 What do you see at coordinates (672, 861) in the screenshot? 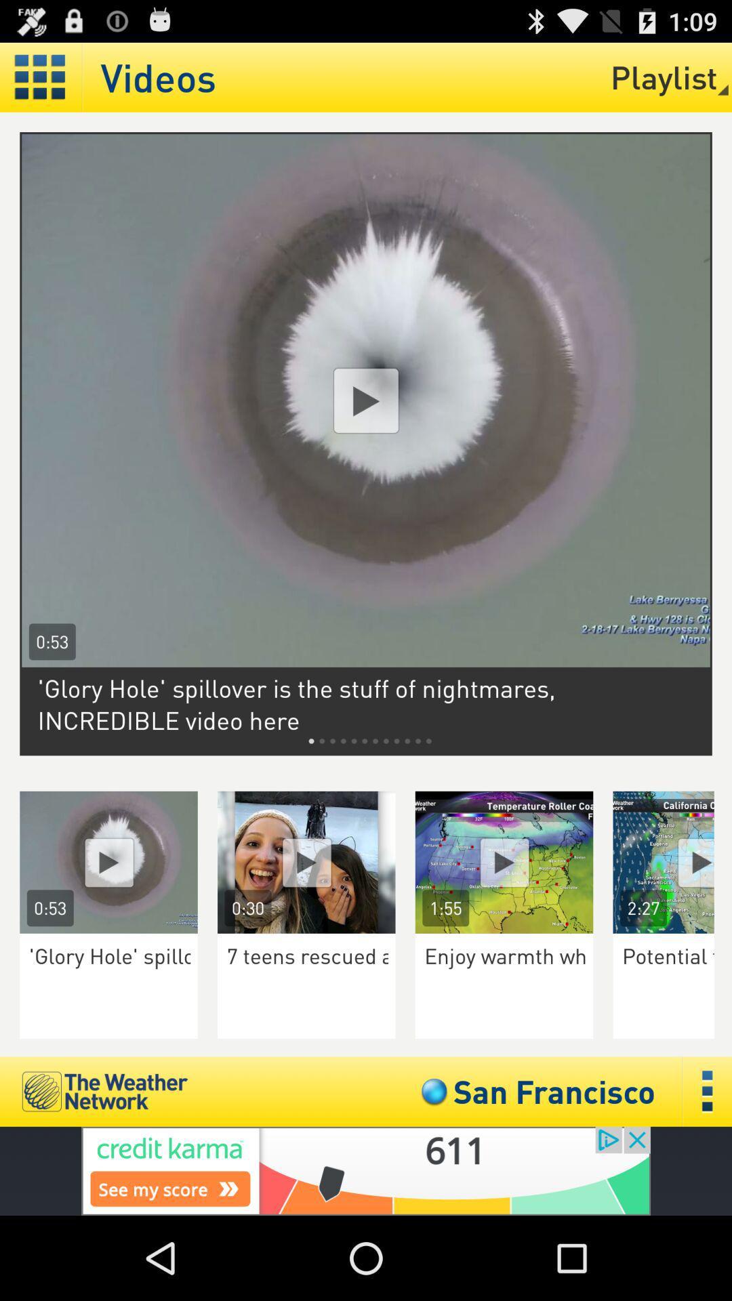
I see `video icon` at bounding box center [672, 861].